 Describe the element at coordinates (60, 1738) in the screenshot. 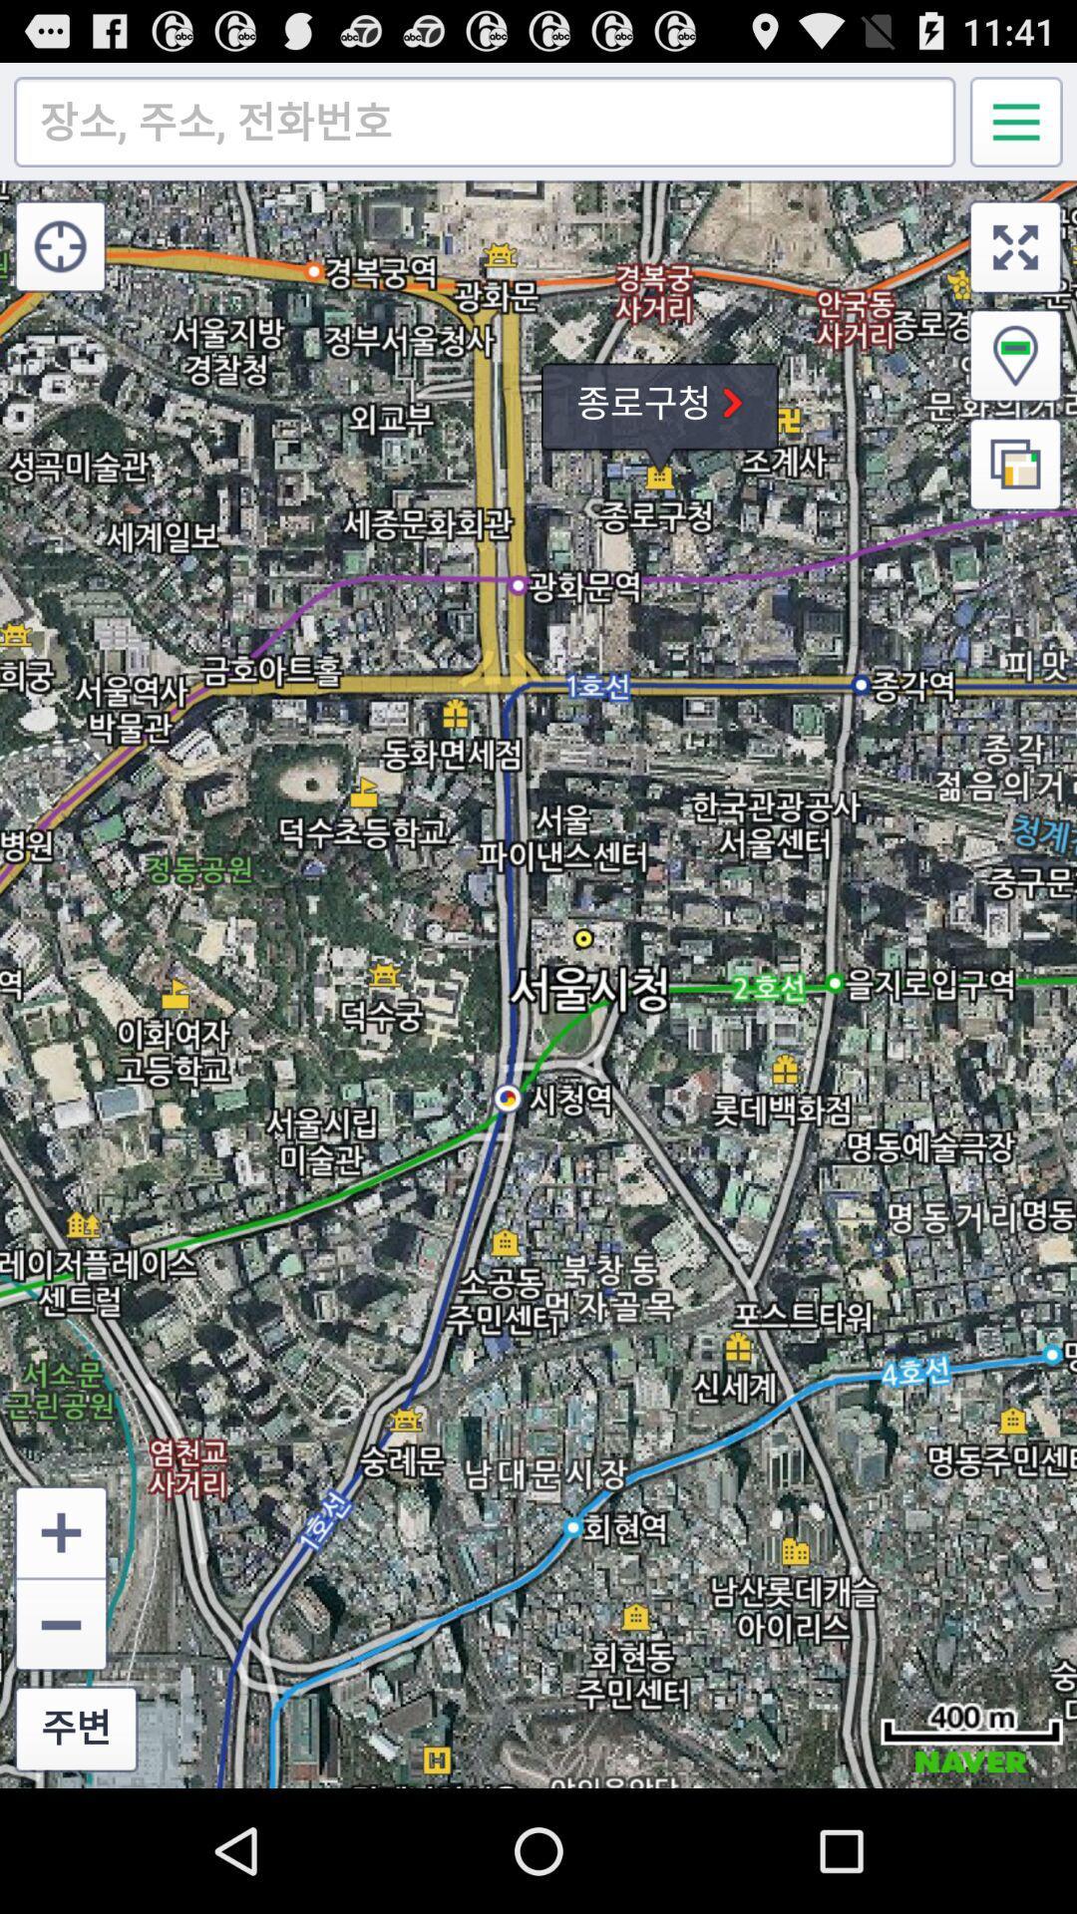

I see `the zoom_out icon` at that location.